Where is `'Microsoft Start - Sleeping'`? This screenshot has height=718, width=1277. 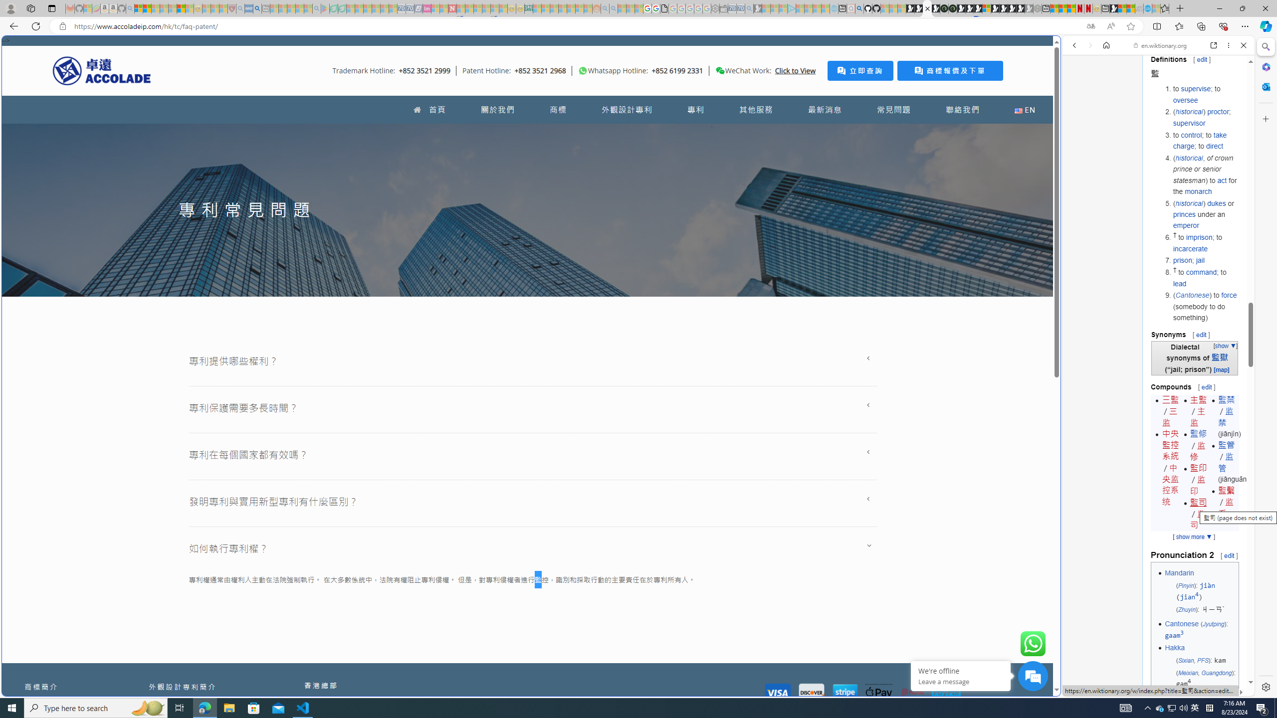 'Microsoft Start - Sleeping' is located at coordinates (816, 8).